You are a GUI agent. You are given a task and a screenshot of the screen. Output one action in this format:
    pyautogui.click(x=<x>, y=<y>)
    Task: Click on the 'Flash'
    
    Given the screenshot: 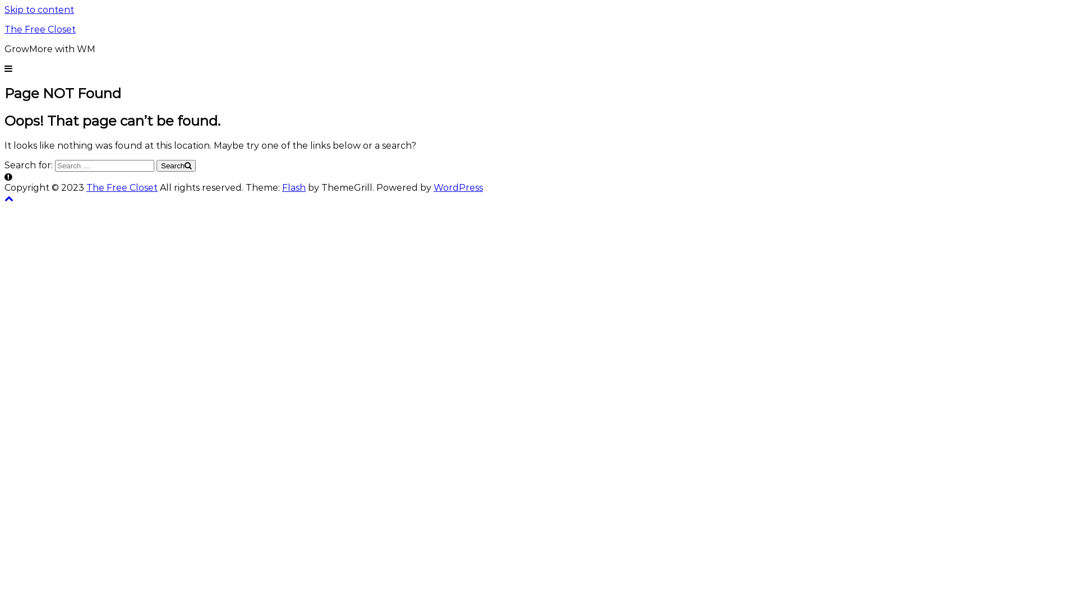 What is the action you would take?
    pyautogui.click(x=293, y=187)
    